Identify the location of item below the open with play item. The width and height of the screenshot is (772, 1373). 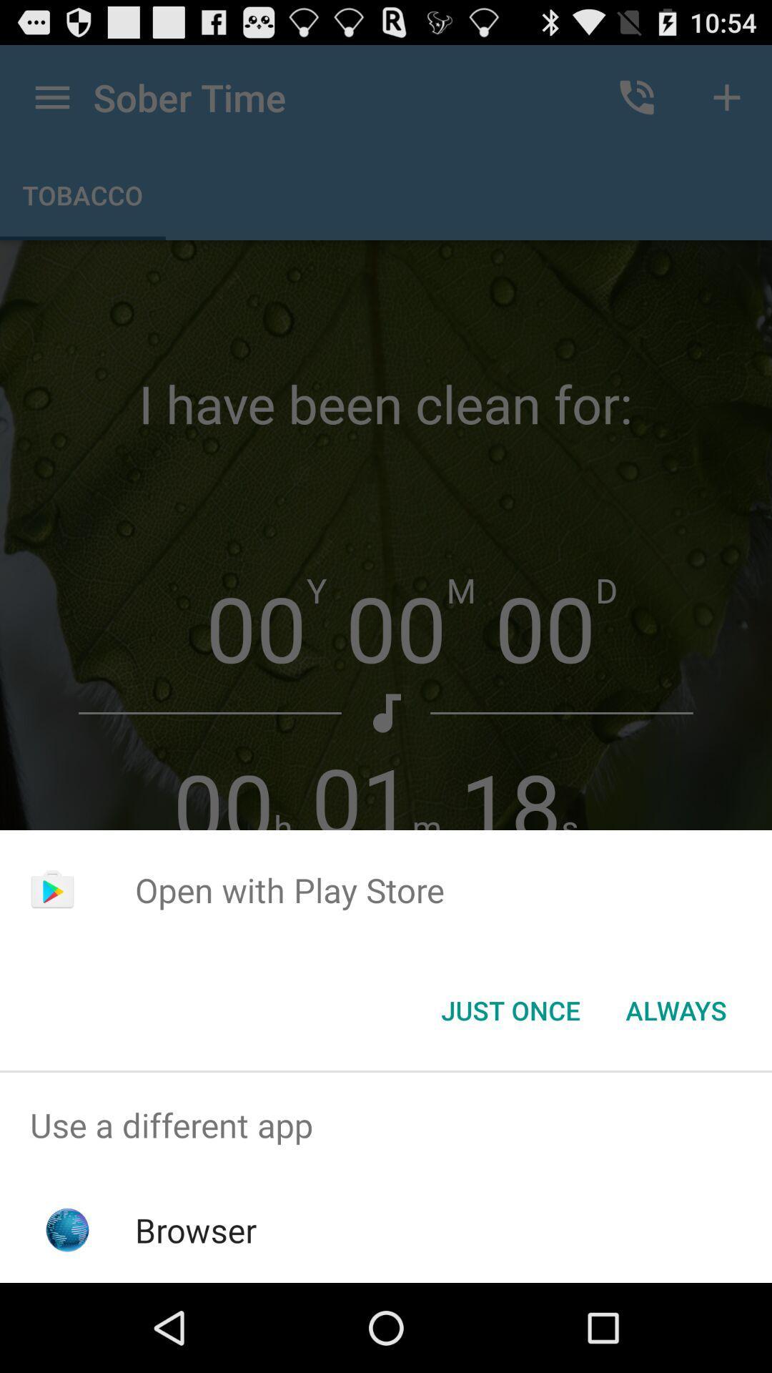
(675, 1009).